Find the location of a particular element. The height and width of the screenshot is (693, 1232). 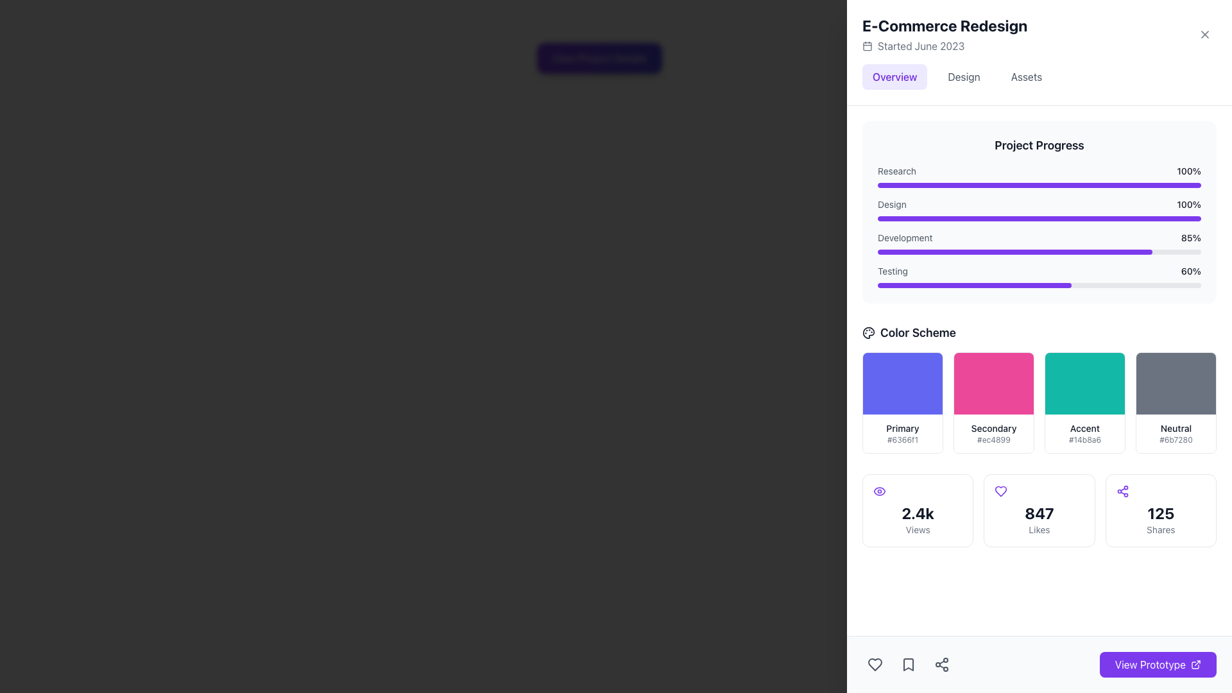

the informative label with a calendar icon that reads 'Started June 2023', located below the main heading 'E-Commerce Redesign' is located at coordinates (945, 46).